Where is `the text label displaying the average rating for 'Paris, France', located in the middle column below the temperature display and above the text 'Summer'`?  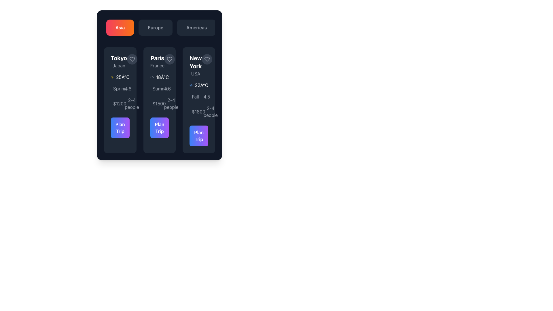 the text label displaying the average rating for 'Paris, France', located in the middle column below the temperature display and above the text 'Summer' is located at coordinates (167, 89).